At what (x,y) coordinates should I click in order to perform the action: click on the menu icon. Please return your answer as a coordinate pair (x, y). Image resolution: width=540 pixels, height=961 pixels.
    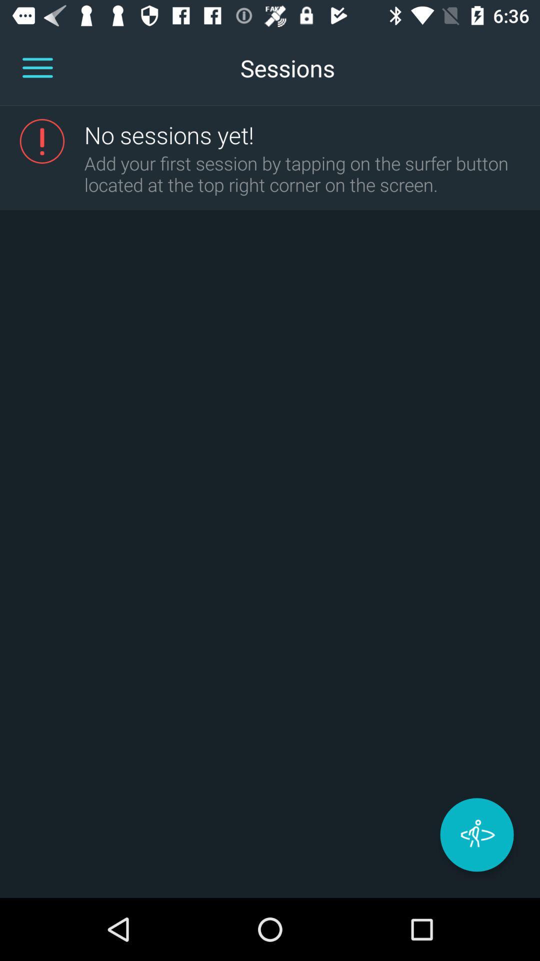
    Looking at the image, I should click on (37, 68).